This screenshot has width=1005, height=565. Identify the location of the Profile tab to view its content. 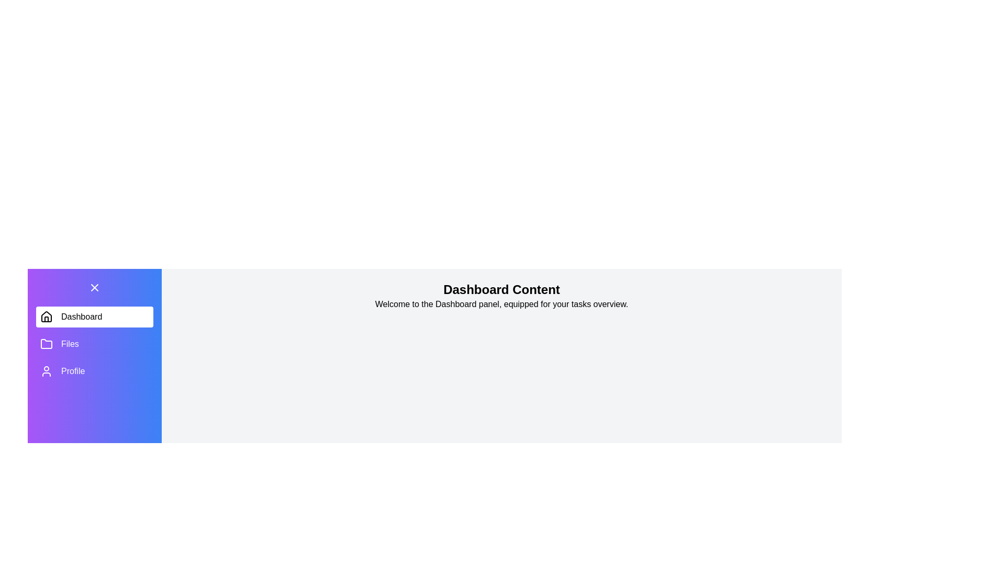
(95, 370).